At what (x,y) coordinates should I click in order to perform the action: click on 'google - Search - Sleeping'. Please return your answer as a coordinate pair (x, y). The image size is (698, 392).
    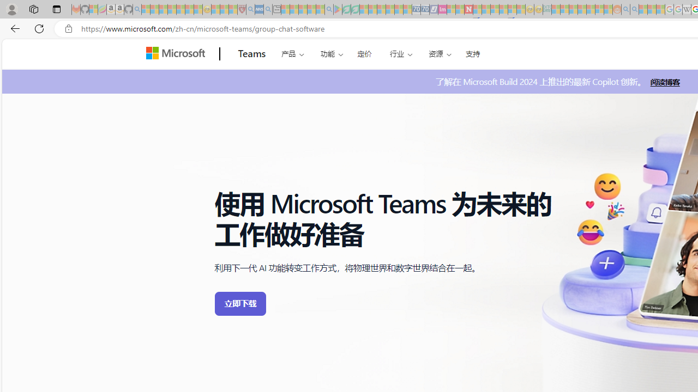
    Looking at the image, I should click on (328, 9).